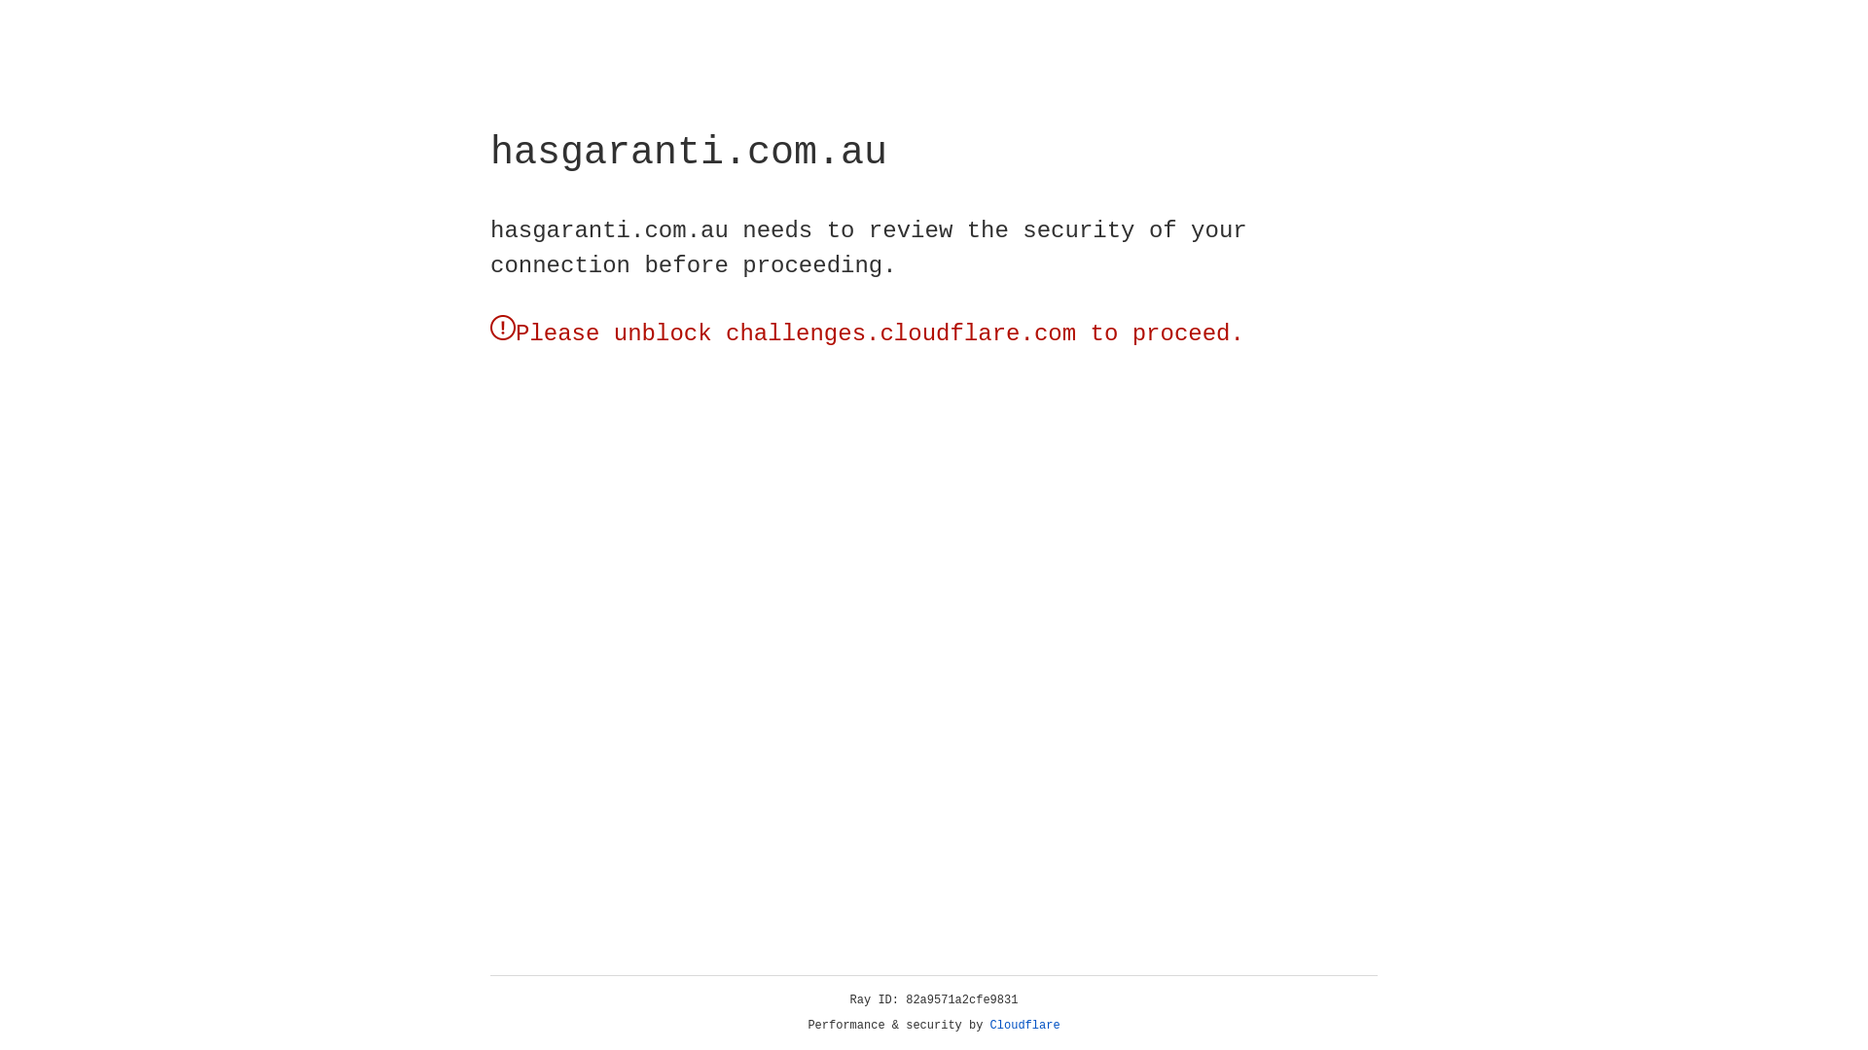 The width and height of the screenshot is (1868, 1050). What do you see at coordinates (1024, 1025) in the screenshot?
I see `'Cloudflare'` at bounding box center [1024, 1025].